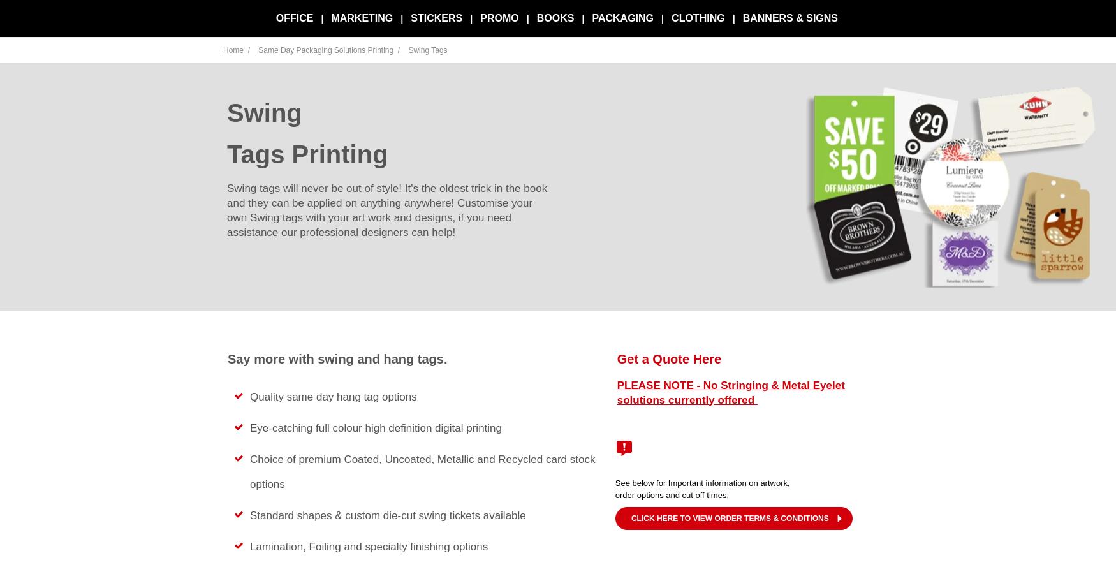 This screenshot has height=574, width=1116. What do you see at coordinates (427, 50) in the screenshot?
I see `'Swing Tags'` at bounding box center [427, 50].